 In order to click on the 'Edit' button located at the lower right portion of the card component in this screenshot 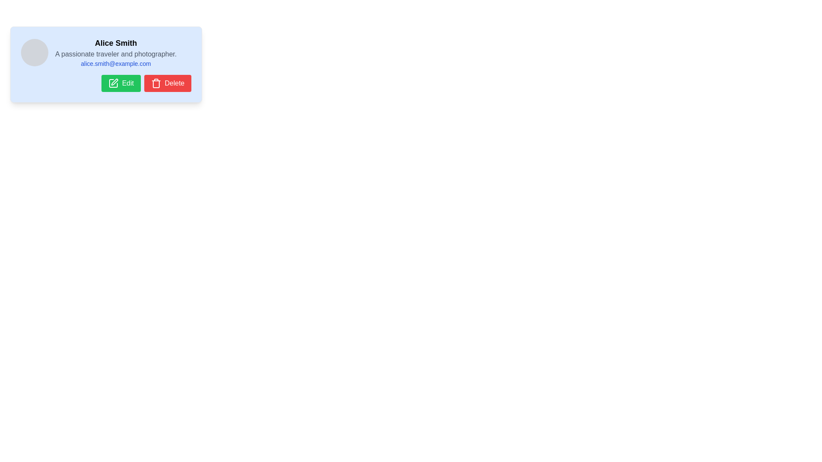, I will do `click(121, 83)`.